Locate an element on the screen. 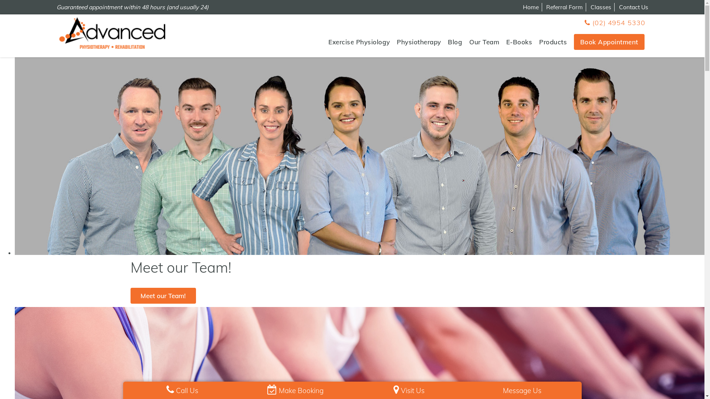 The image size is (710, 399). 'Referral Form' is located at coordinates (546, 7).